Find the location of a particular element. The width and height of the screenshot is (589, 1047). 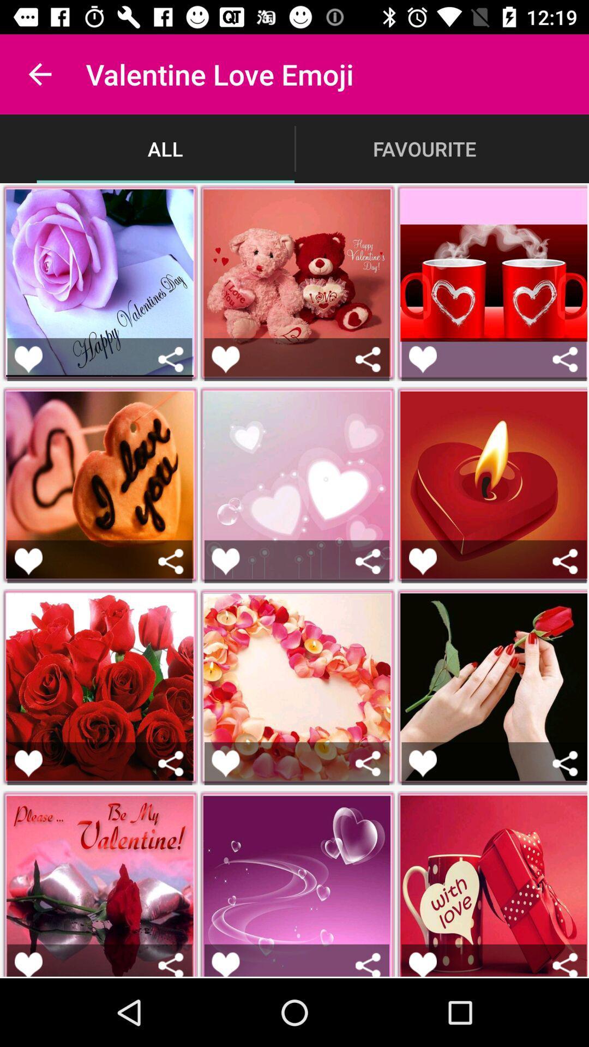

share the emoji or sticker is located at coordinates (171, 561).